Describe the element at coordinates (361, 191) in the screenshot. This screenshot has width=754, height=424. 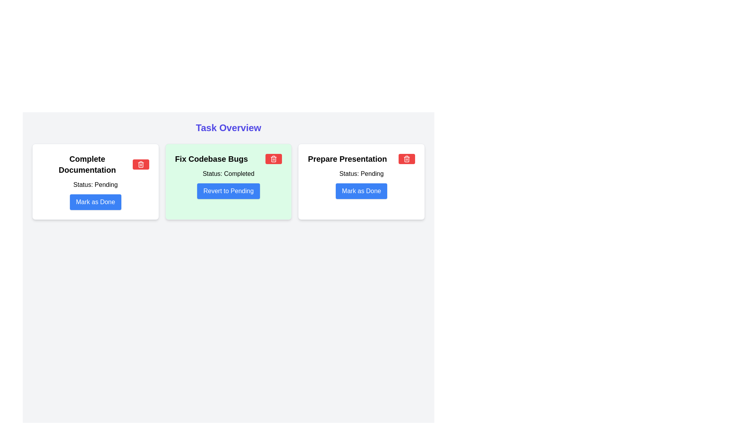
I see `the 'mark as done' button located at the bottom of the rightmost card in the grid layout, below the 'Prepare Presentation' title and 'Status: Pending' label, to observe a visual state change` at that location.